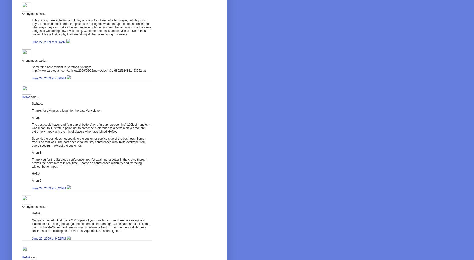 This screenshot has width=474, height=260. What do you see at coordinates (32, 239) in the screenshot?
I see `'June 22, 2009 at 9:52 PM'` at bounding box center [32, 239].